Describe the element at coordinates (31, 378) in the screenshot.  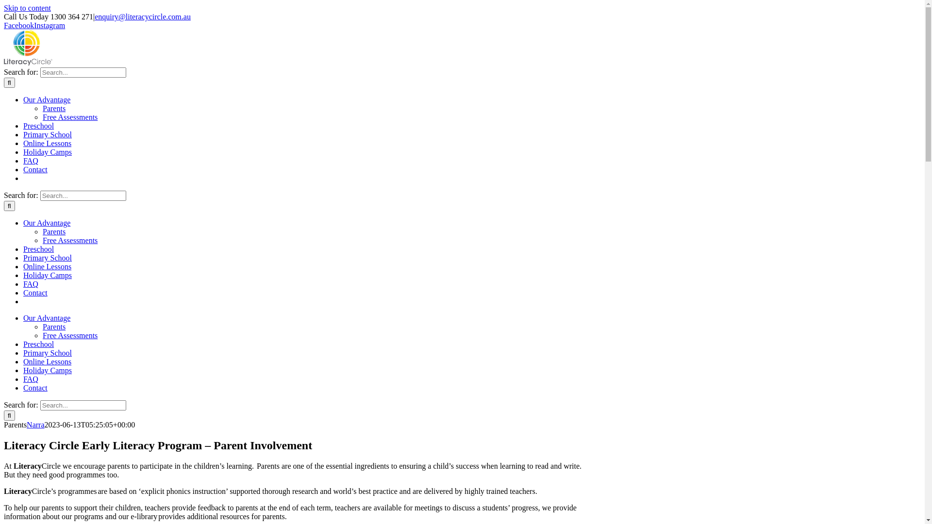
I see `'FAQ'` at that location.